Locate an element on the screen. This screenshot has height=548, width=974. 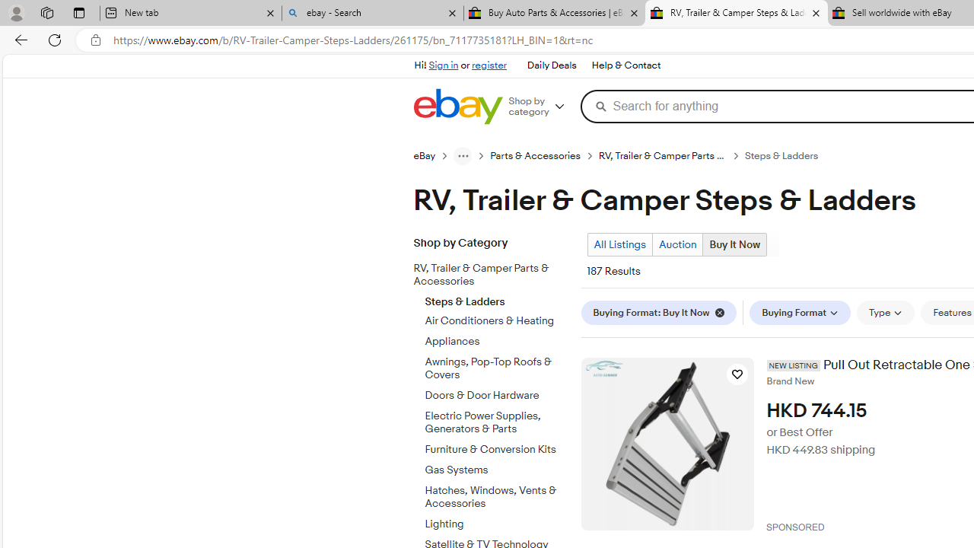
'Buy It Now' is located at coordinates (734, 244).